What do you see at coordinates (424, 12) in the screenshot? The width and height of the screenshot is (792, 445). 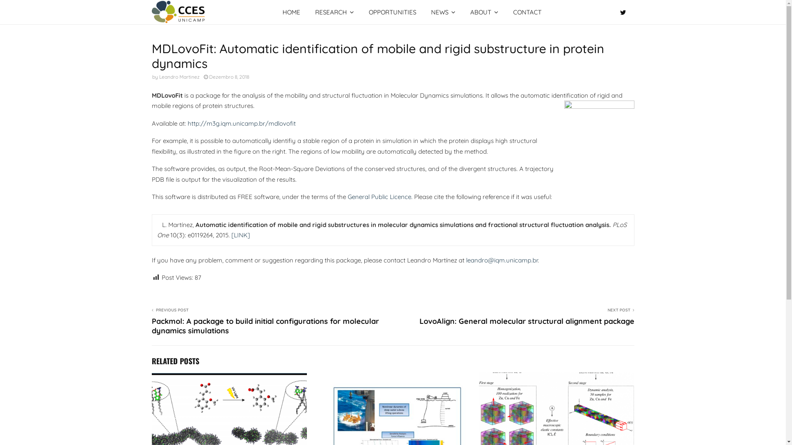 I see `'NEWS'` at bounding box center [424, 12].